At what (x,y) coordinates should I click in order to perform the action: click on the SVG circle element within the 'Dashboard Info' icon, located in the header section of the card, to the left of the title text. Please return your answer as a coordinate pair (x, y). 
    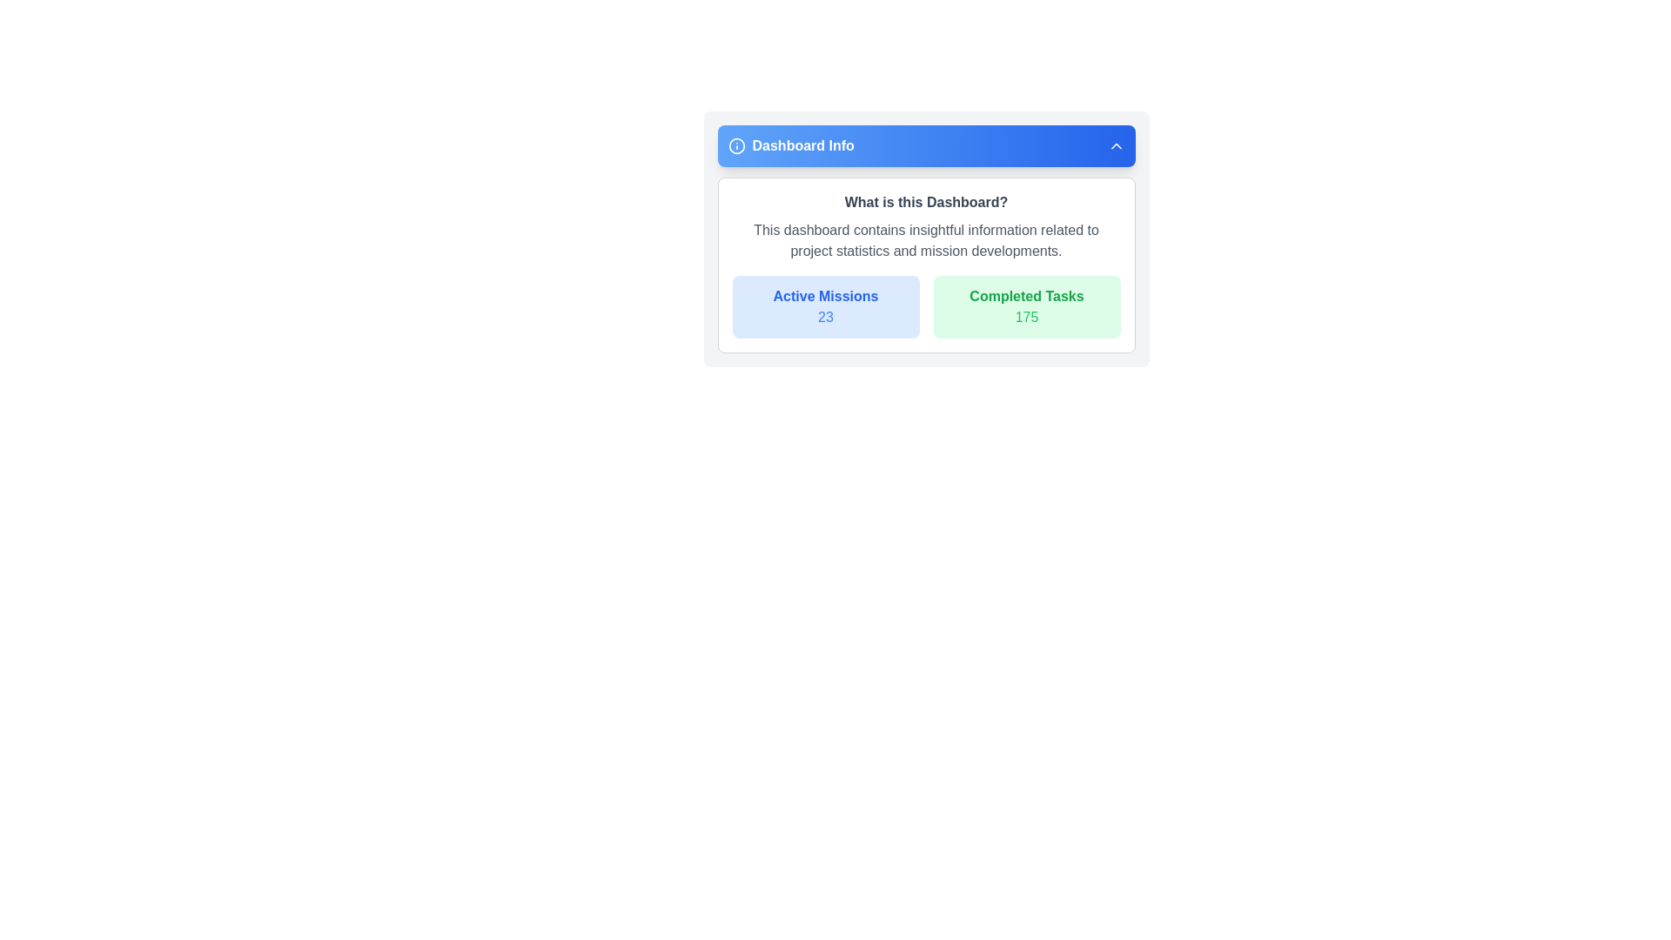
    Looking at the image, I should click on (736, 145).